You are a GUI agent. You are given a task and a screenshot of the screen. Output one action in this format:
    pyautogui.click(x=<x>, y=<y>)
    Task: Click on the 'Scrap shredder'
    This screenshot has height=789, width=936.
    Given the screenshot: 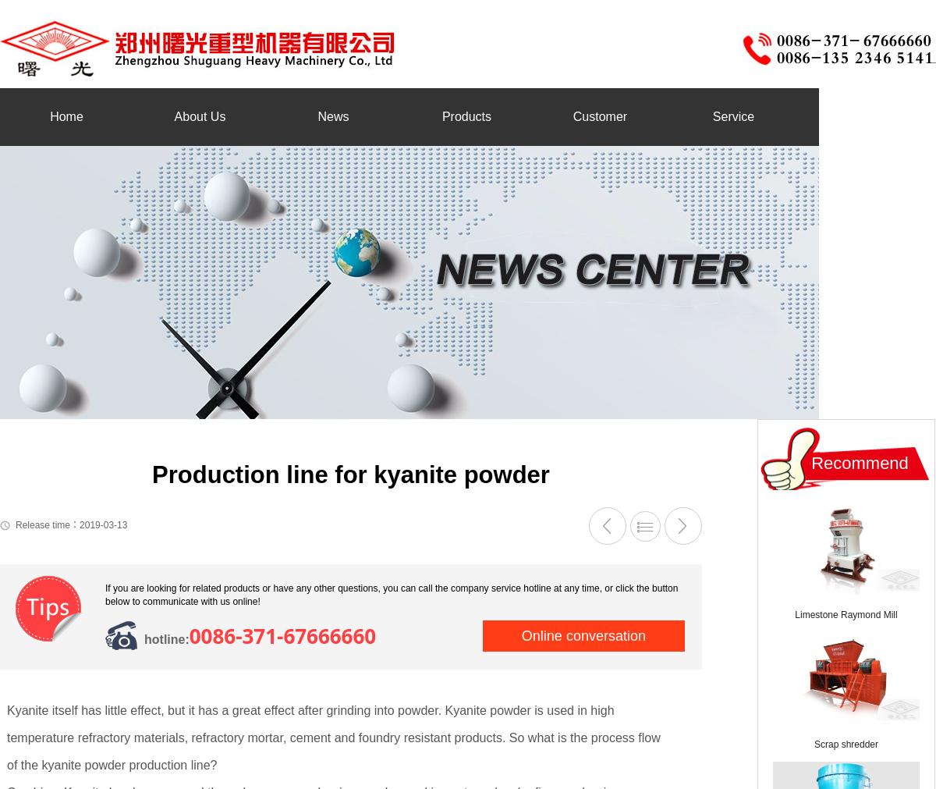 What is the action you would take?
    pyautogui.click(x=845, y=744)
    